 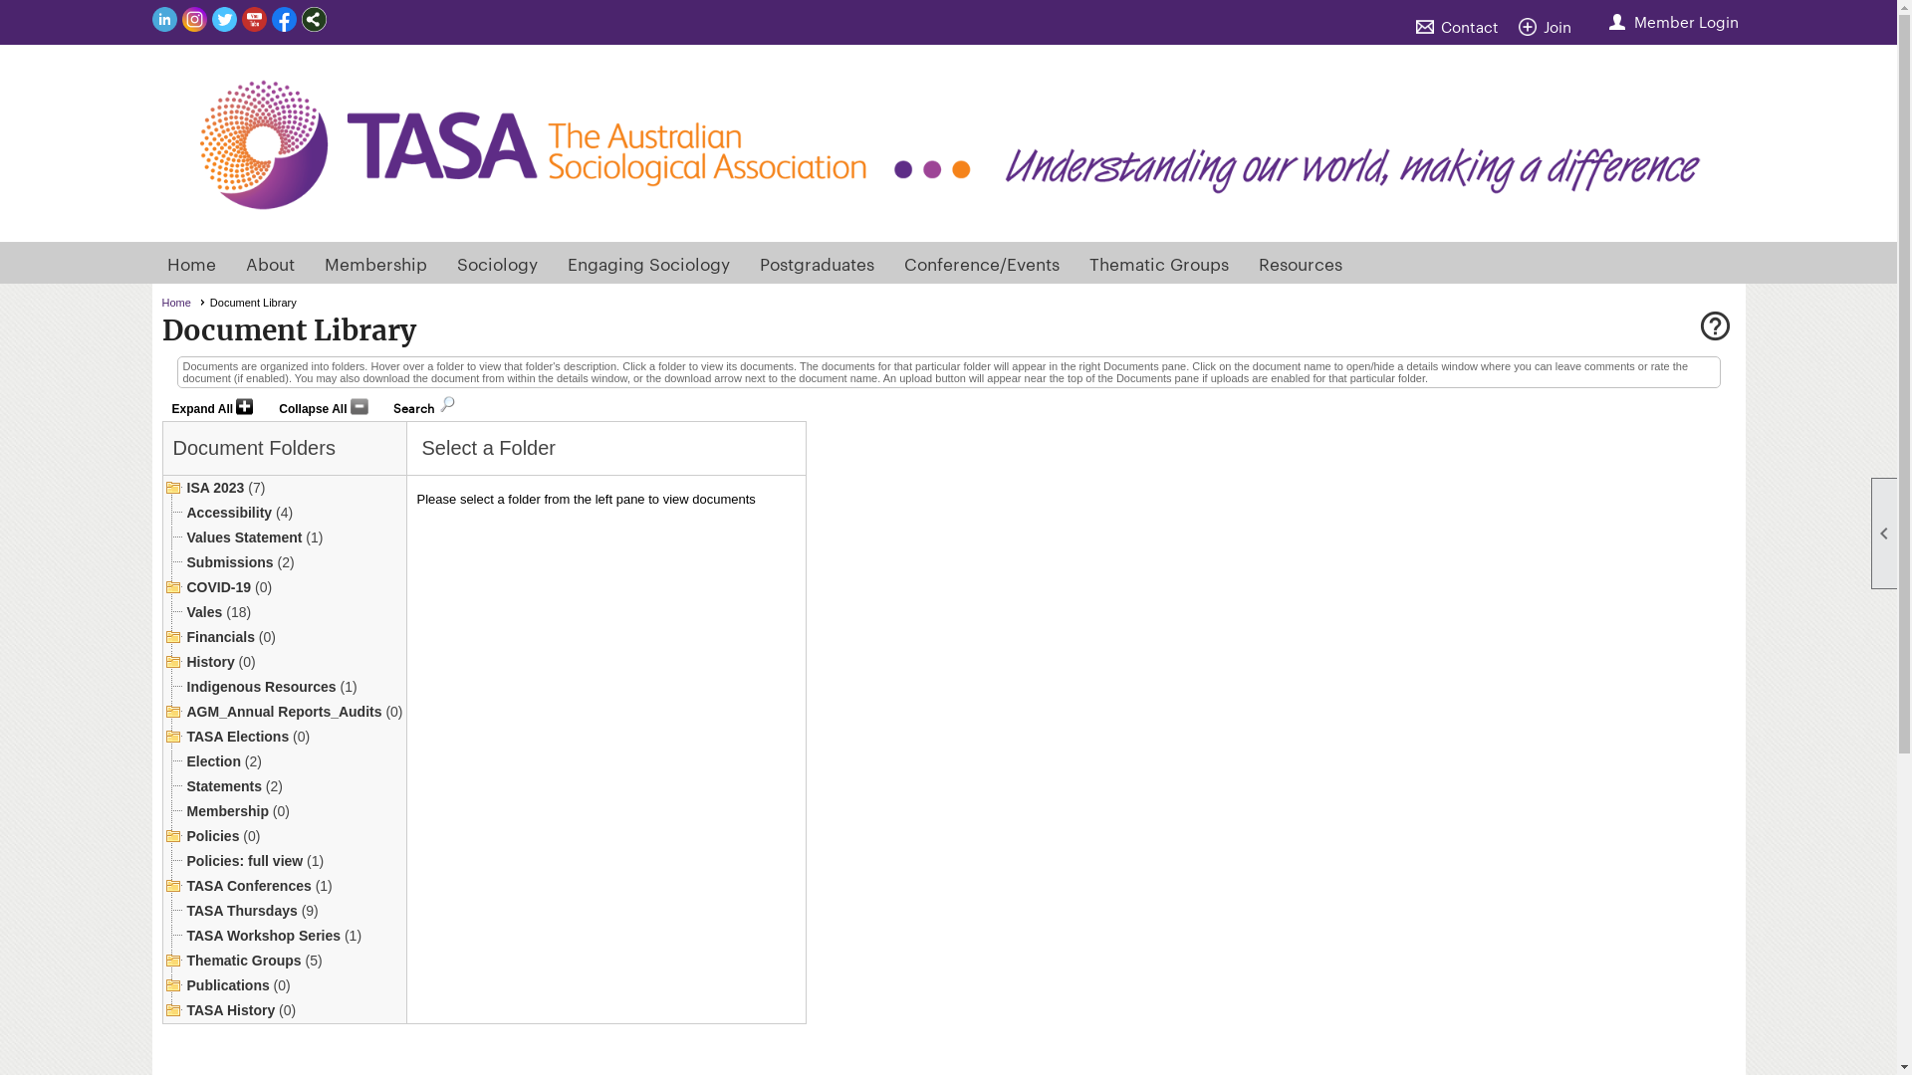 What do you see at coordinates (312, 19) in the screenshot?
I see `'Click here for more sharing options'` at bounding box center [312, 19].